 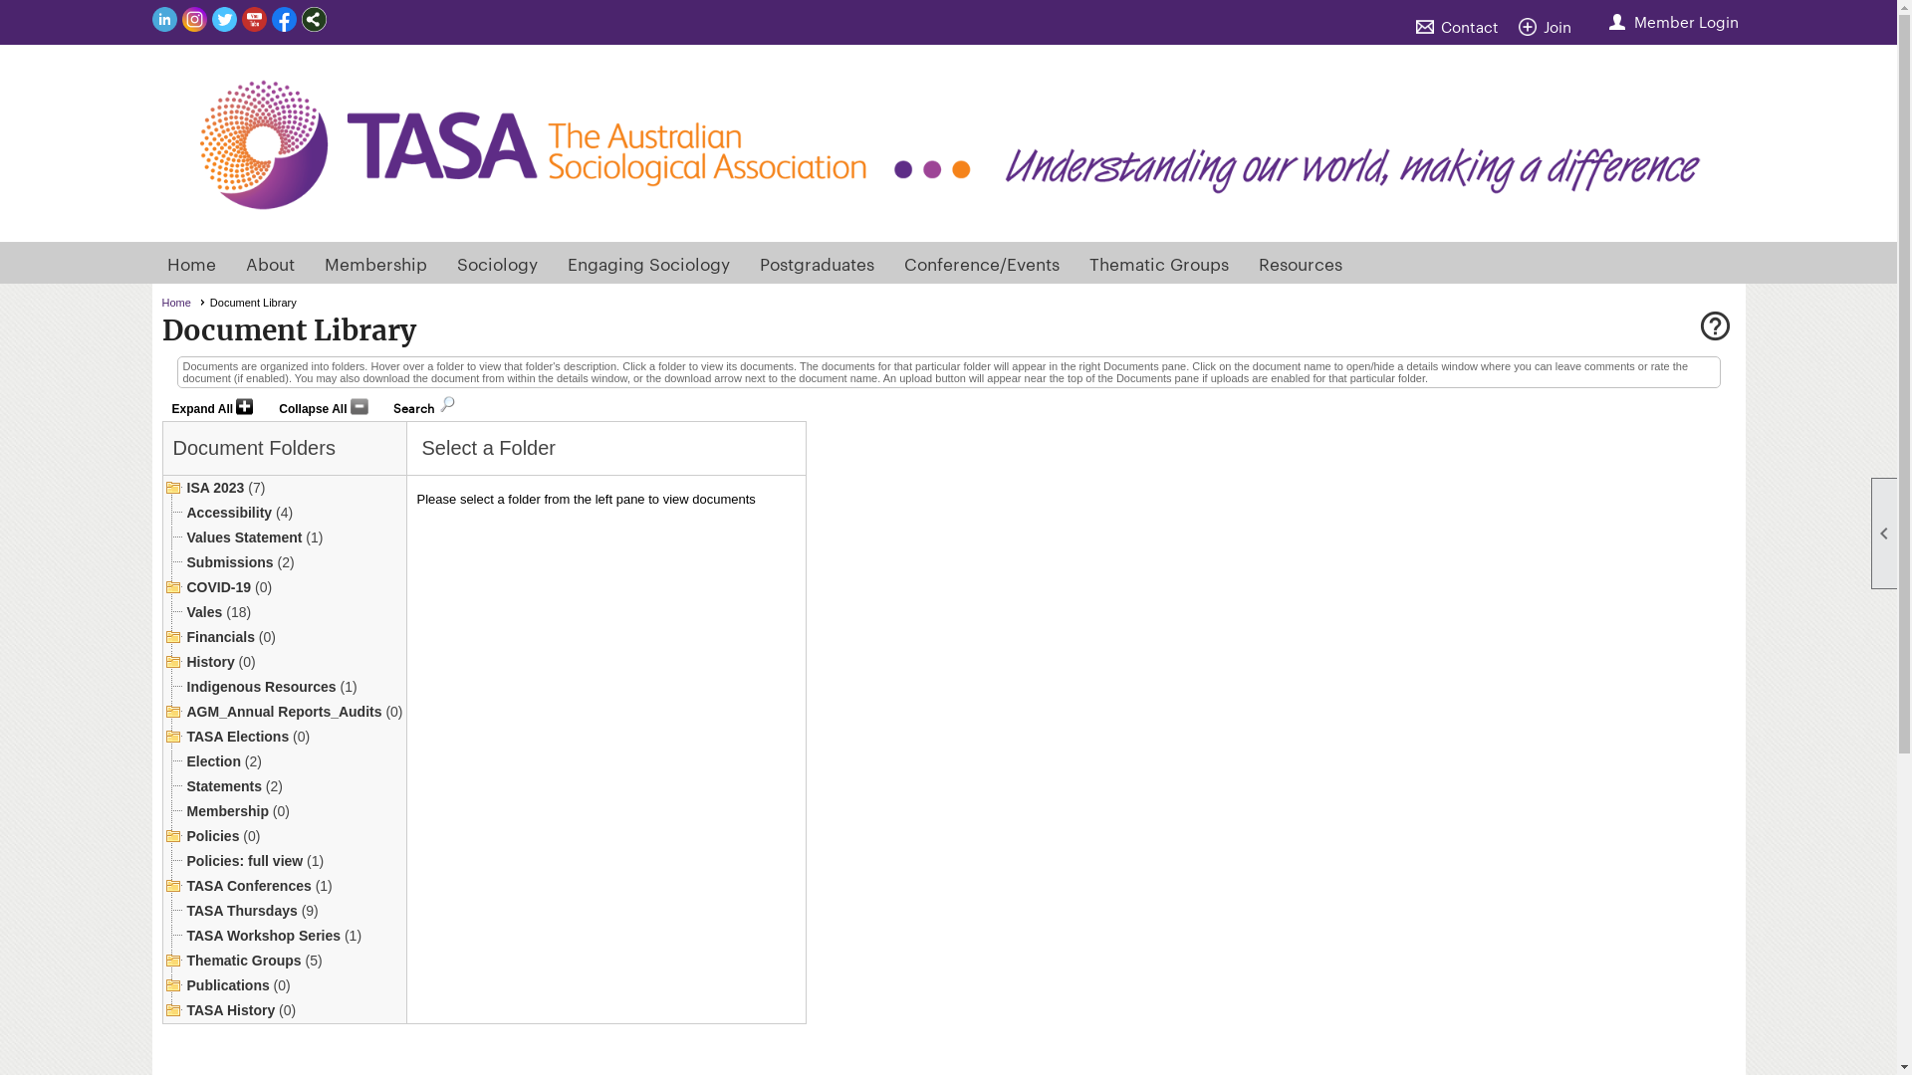 What do you see at coordinates (312, 19) in the screenshot?
I see `'Click here for more sharing options'` at bounding box center [312, 19].